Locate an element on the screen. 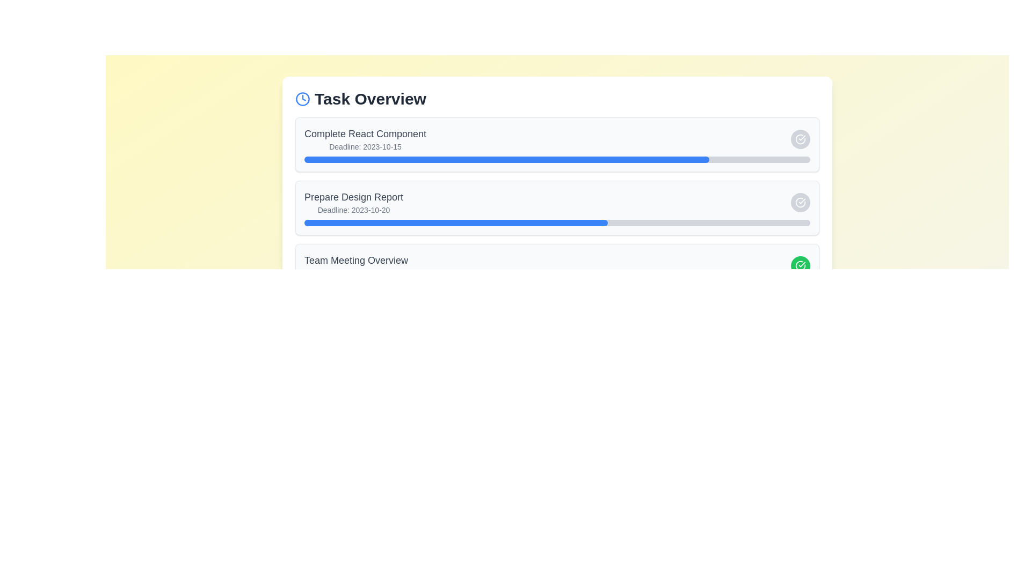  the SVG icon that features a circular outline with a checkmark inside, which is styled with a white color on a gray background and is part of a button-like clickable area located to the right of the 'Prepare Design Report' task item is located at coordinates (801, 203).